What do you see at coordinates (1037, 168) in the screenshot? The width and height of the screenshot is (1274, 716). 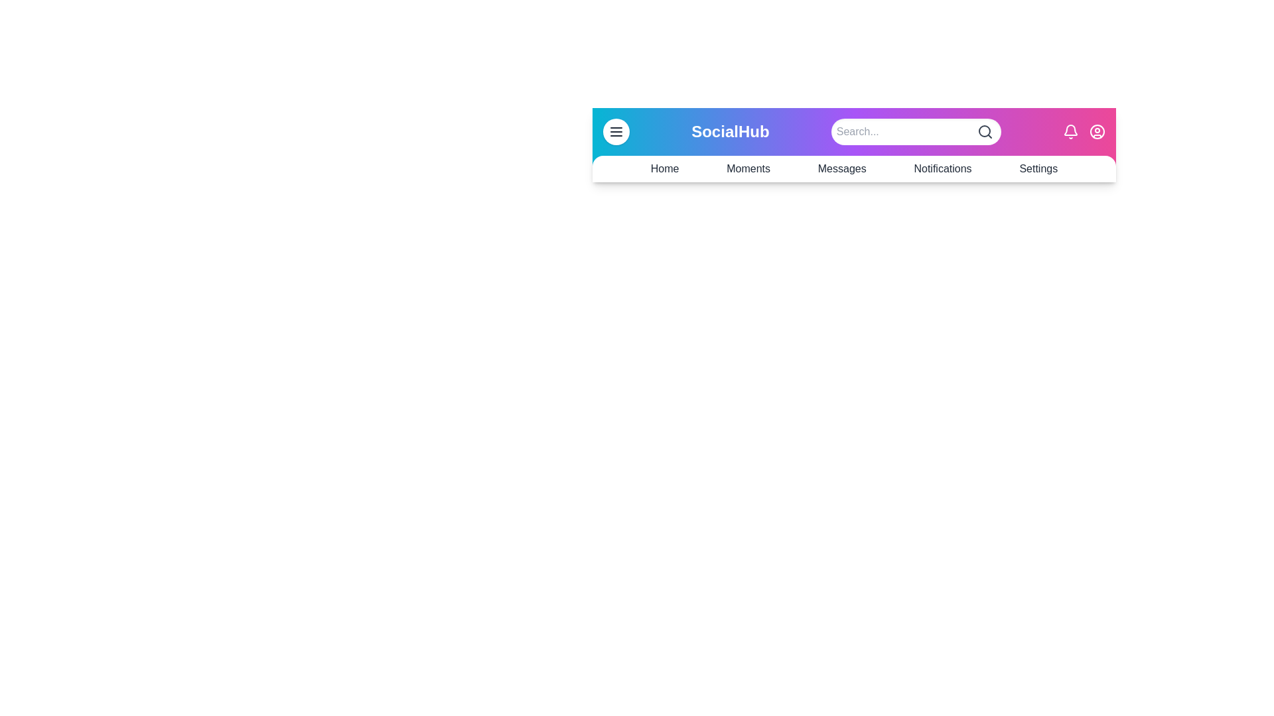 I see `the navigation link Settings from the SocialAppBar` at bounding box center [1037, 168].